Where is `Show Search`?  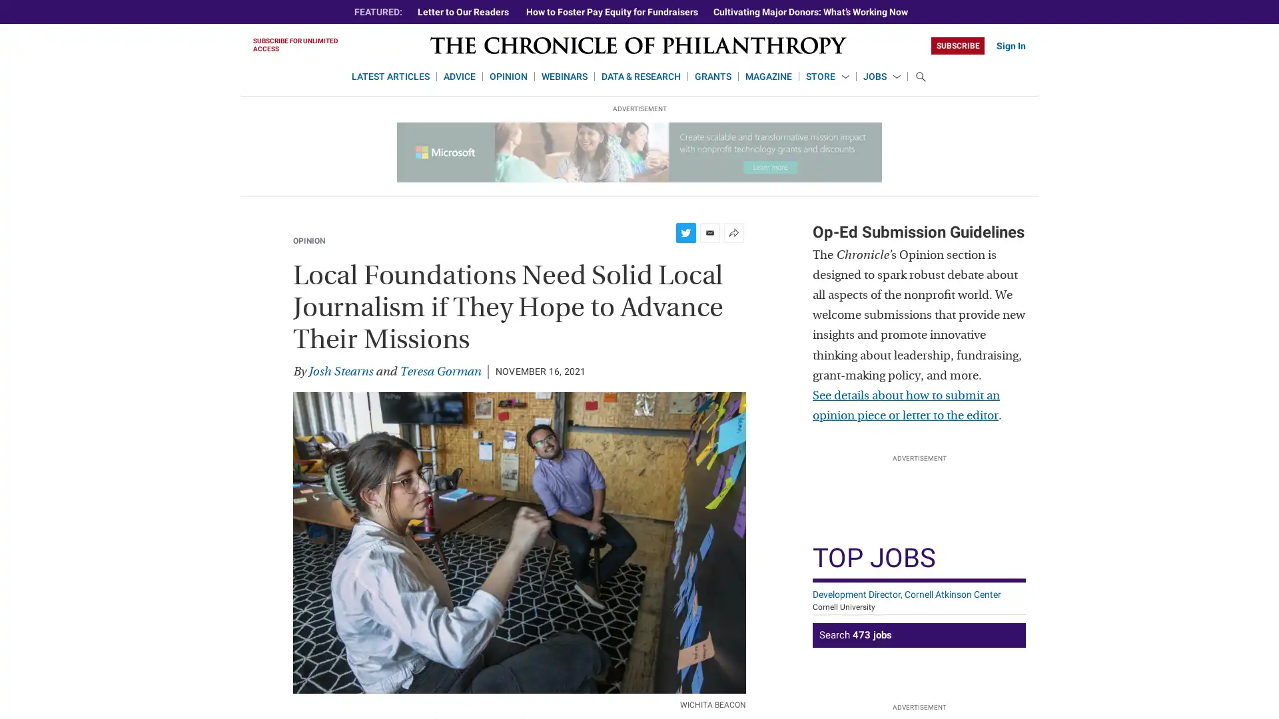 Show Search is located at coordinates (920, 77).